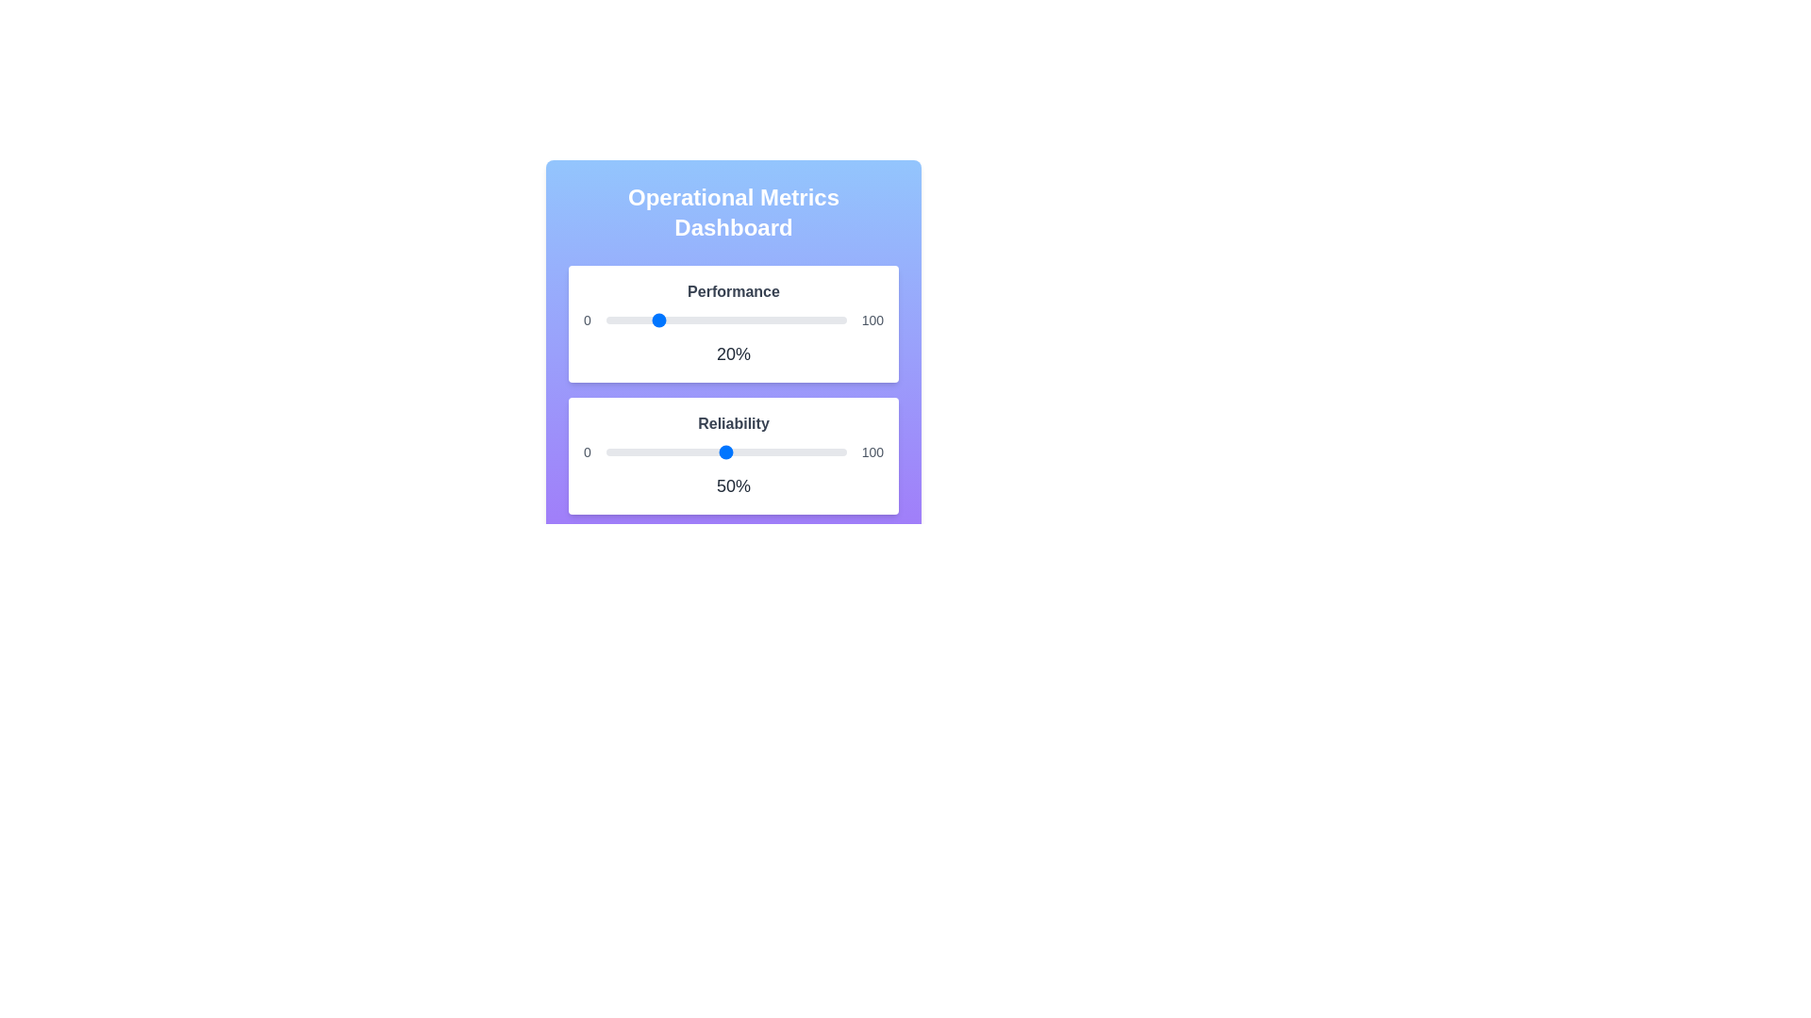  Describe the element at coordinates (806, 452) in the screenshot. I see `the reliability value` at that location.